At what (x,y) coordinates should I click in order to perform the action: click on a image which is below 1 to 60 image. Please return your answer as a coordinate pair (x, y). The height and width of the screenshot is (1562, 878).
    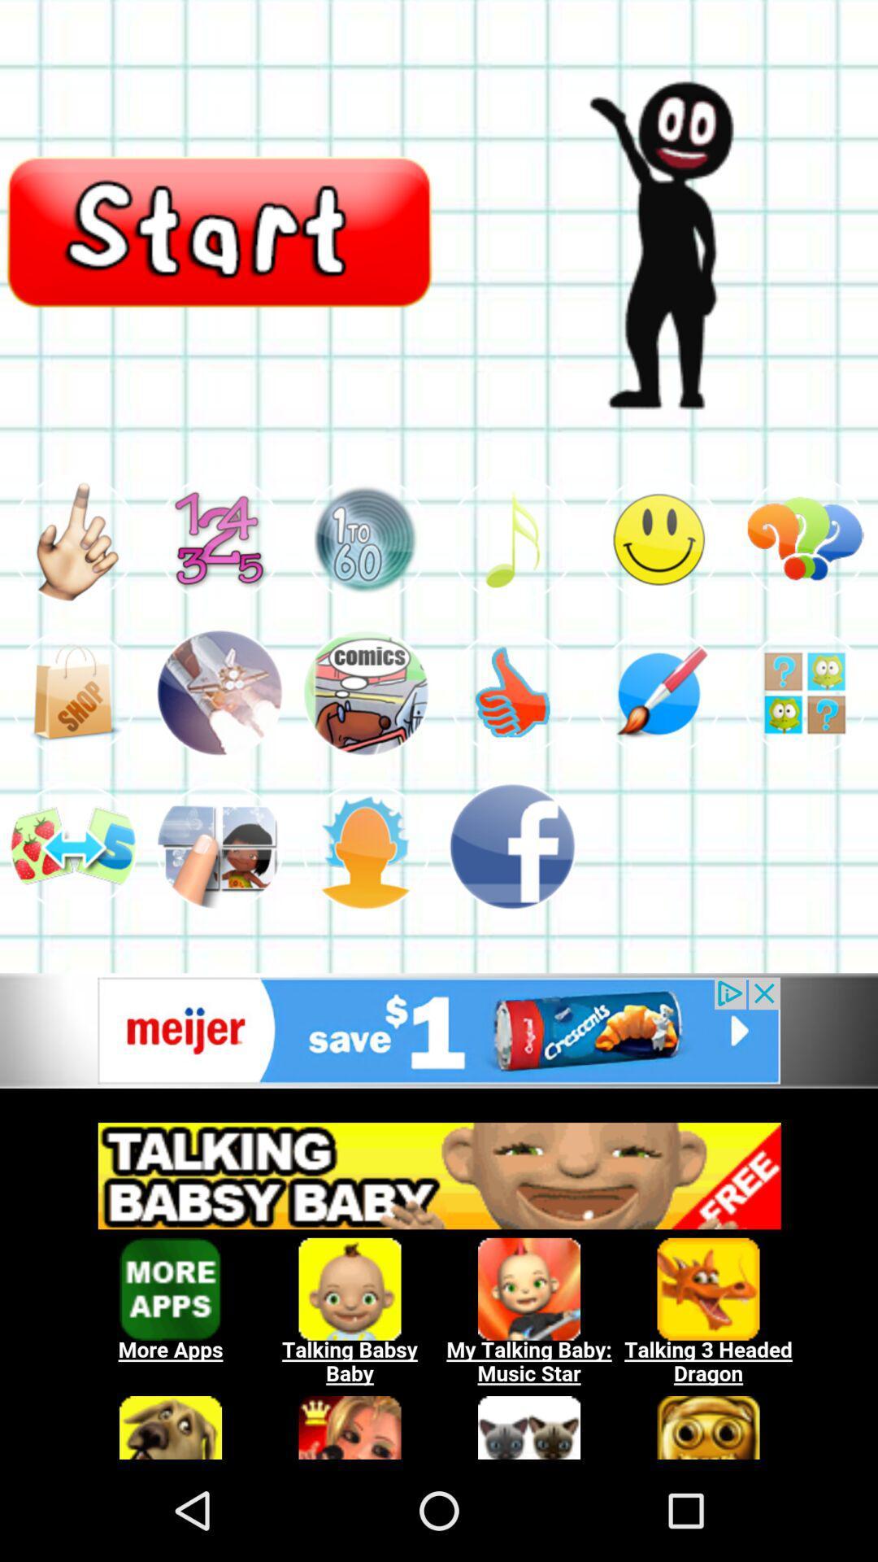
    Looking at the image, I should click on (366, 693).